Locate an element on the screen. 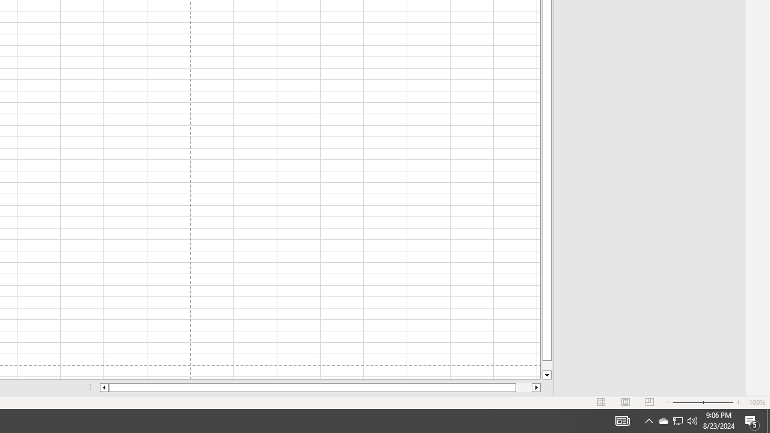  'Page right' is located at coordinates (524, 387).